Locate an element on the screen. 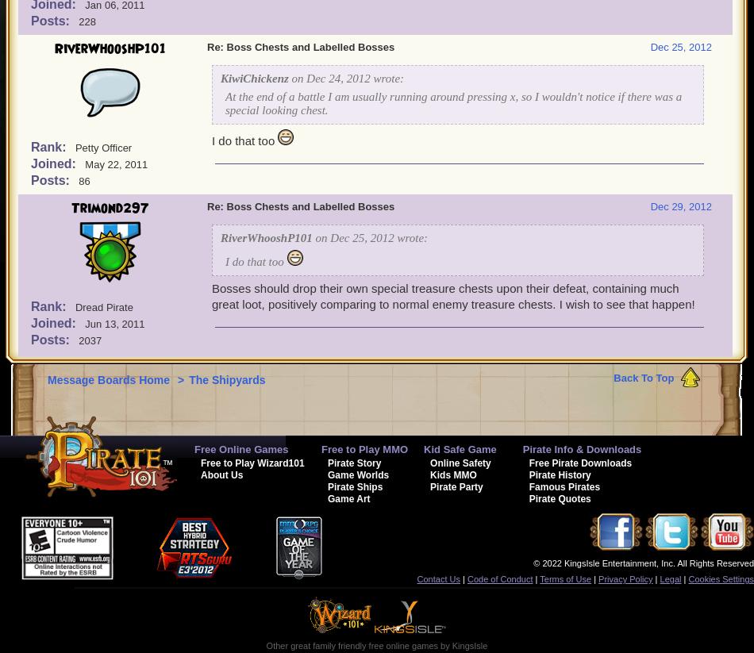 Image resolution: width=754 pixels, height=653 pixels. 'At the end of a battle I am usually running around pressing x, so I wouldn't notice if there was a special looking chest.' is located at coordinates (453, 103).